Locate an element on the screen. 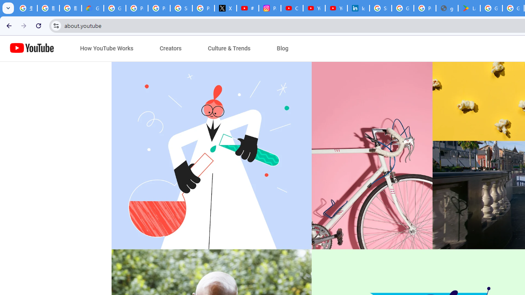 The image size is (525, 295). 'Culture & Trends' is located at coordinates (229, 48).